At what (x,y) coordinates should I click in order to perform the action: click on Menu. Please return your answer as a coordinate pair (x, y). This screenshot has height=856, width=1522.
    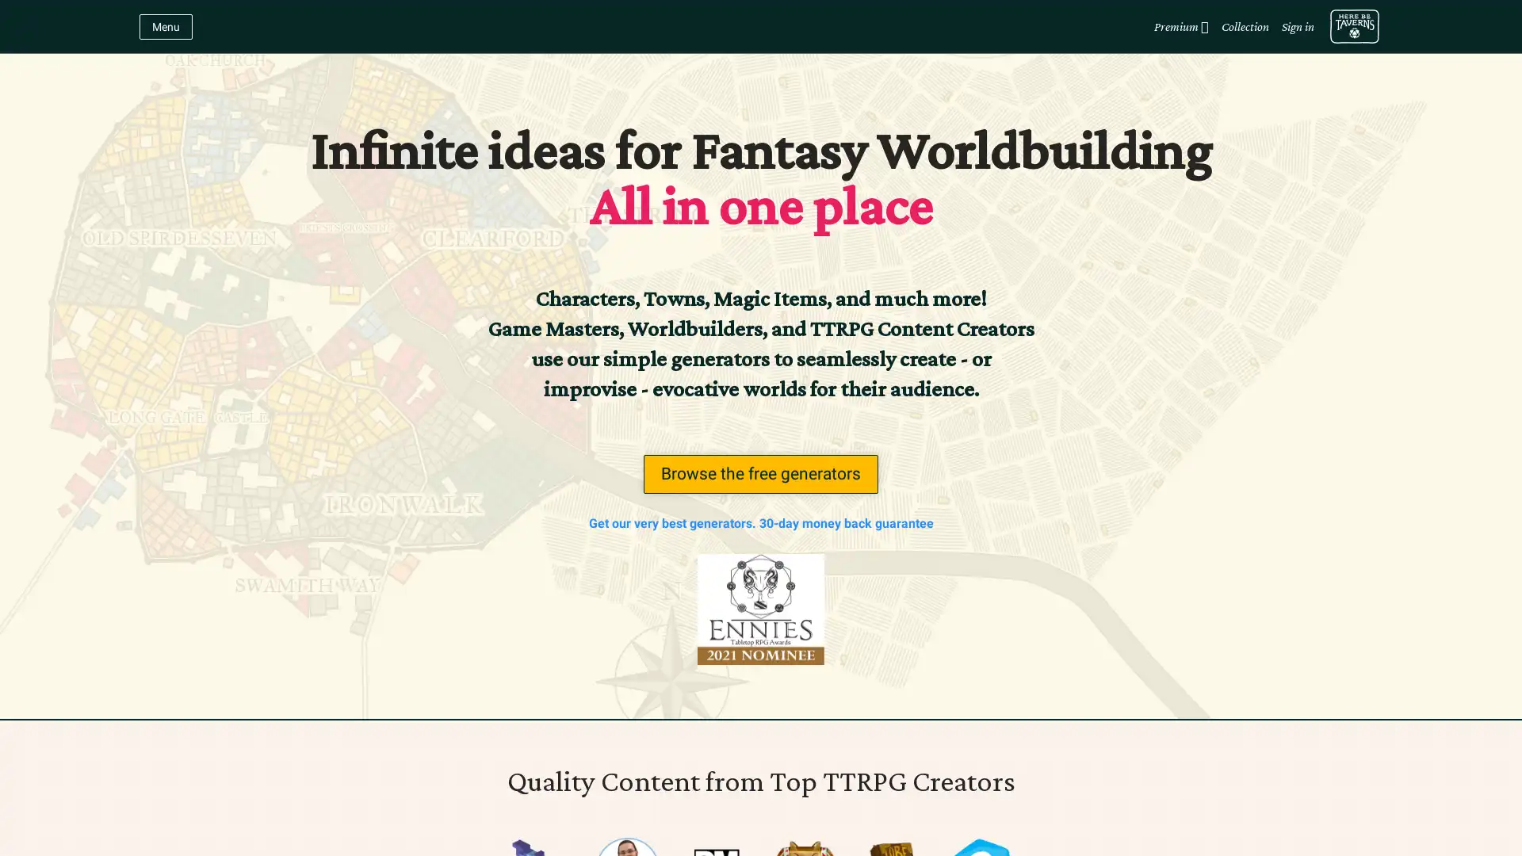
    Looking at the image, I should click on (166, 26).